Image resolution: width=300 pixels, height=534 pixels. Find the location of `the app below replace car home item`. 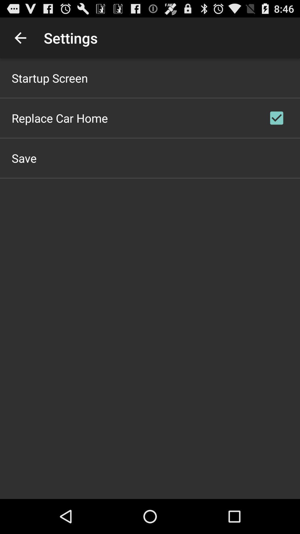

the app below replace car home item is located at coordinates (24, 158).